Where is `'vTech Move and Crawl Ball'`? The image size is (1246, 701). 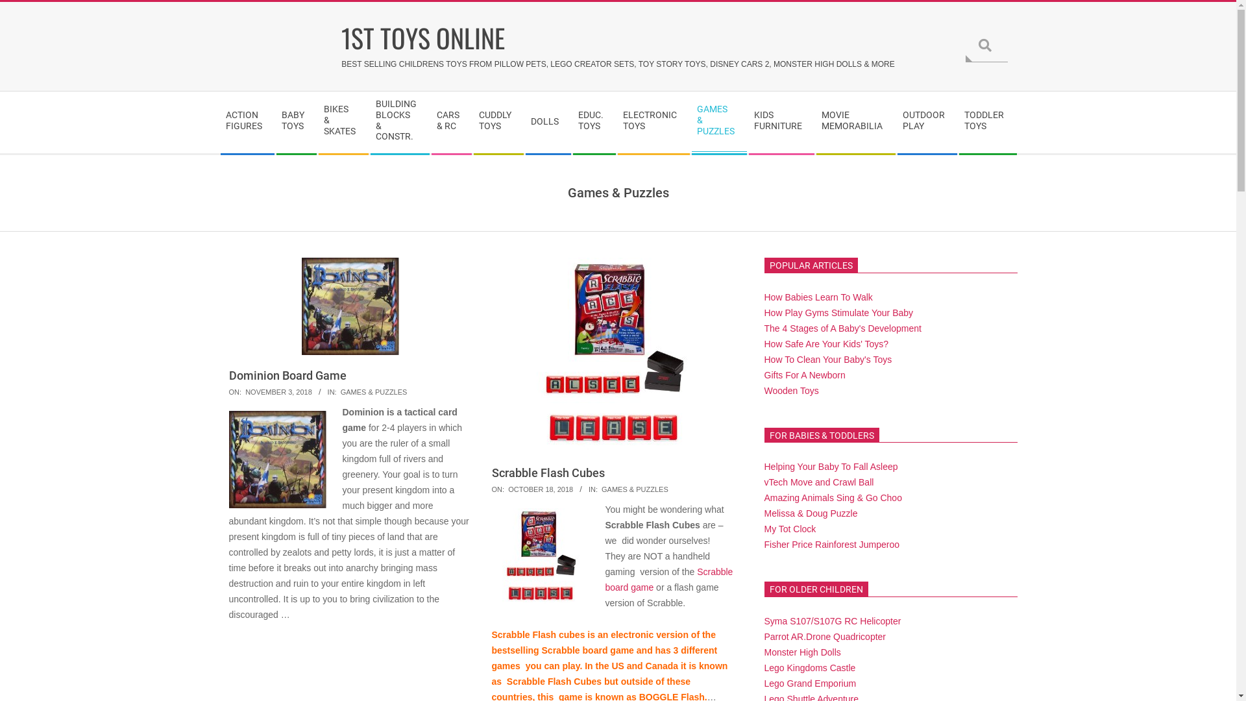 'vTech Move and Crawl Ball' is located at coordinates (764, 482).